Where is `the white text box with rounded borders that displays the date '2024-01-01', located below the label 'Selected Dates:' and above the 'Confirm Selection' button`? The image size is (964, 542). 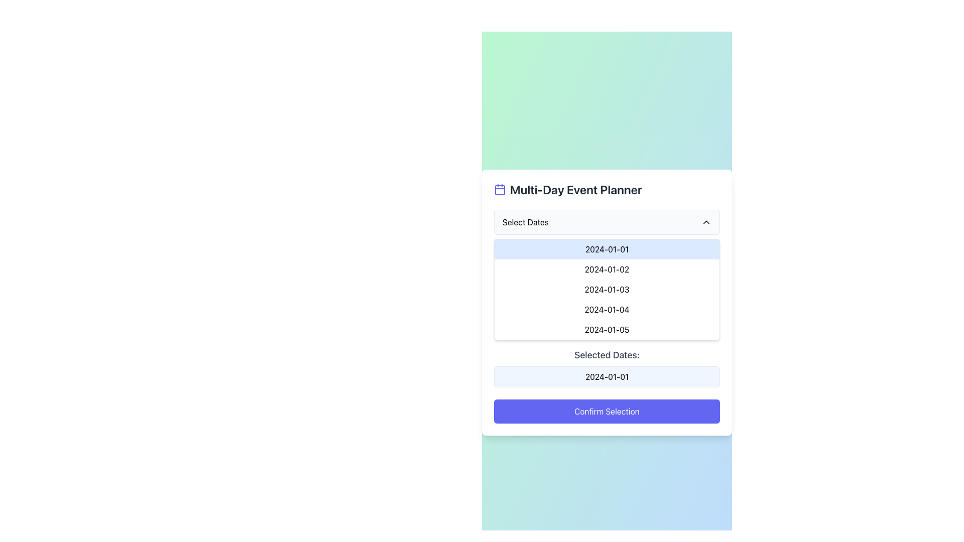
the white text box with rounded borders that displays the date '2024-01-01', located below the label 'Selected Dates:' and above the 'Confirm Selection' button is located at coordinates (607, 377).